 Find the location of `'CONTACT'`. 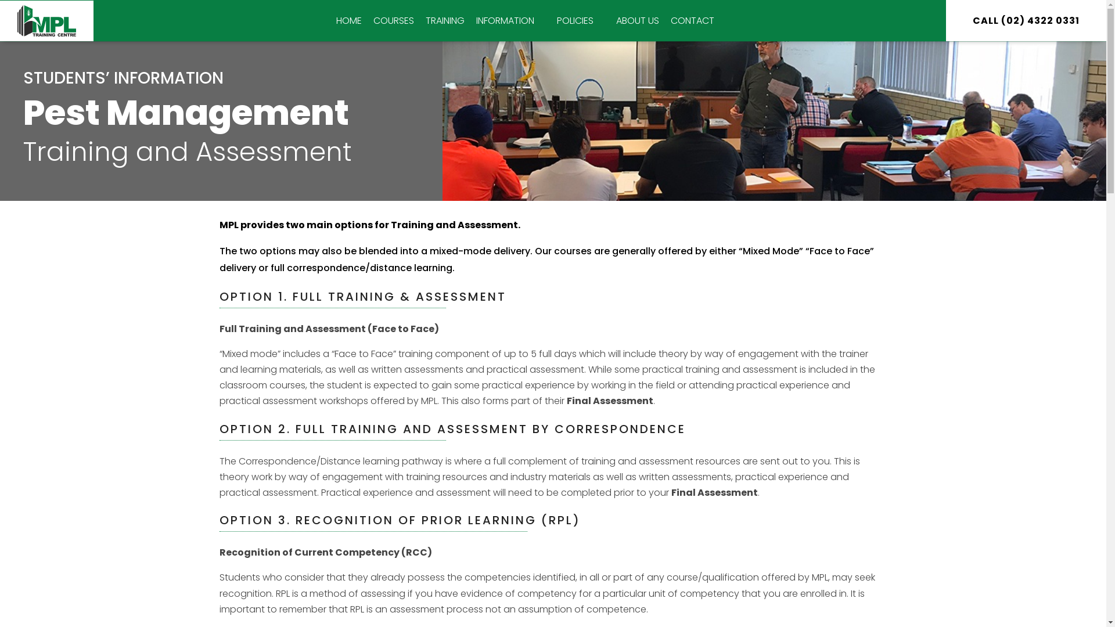

'CONTACT' is located at coordinates (692, 20).